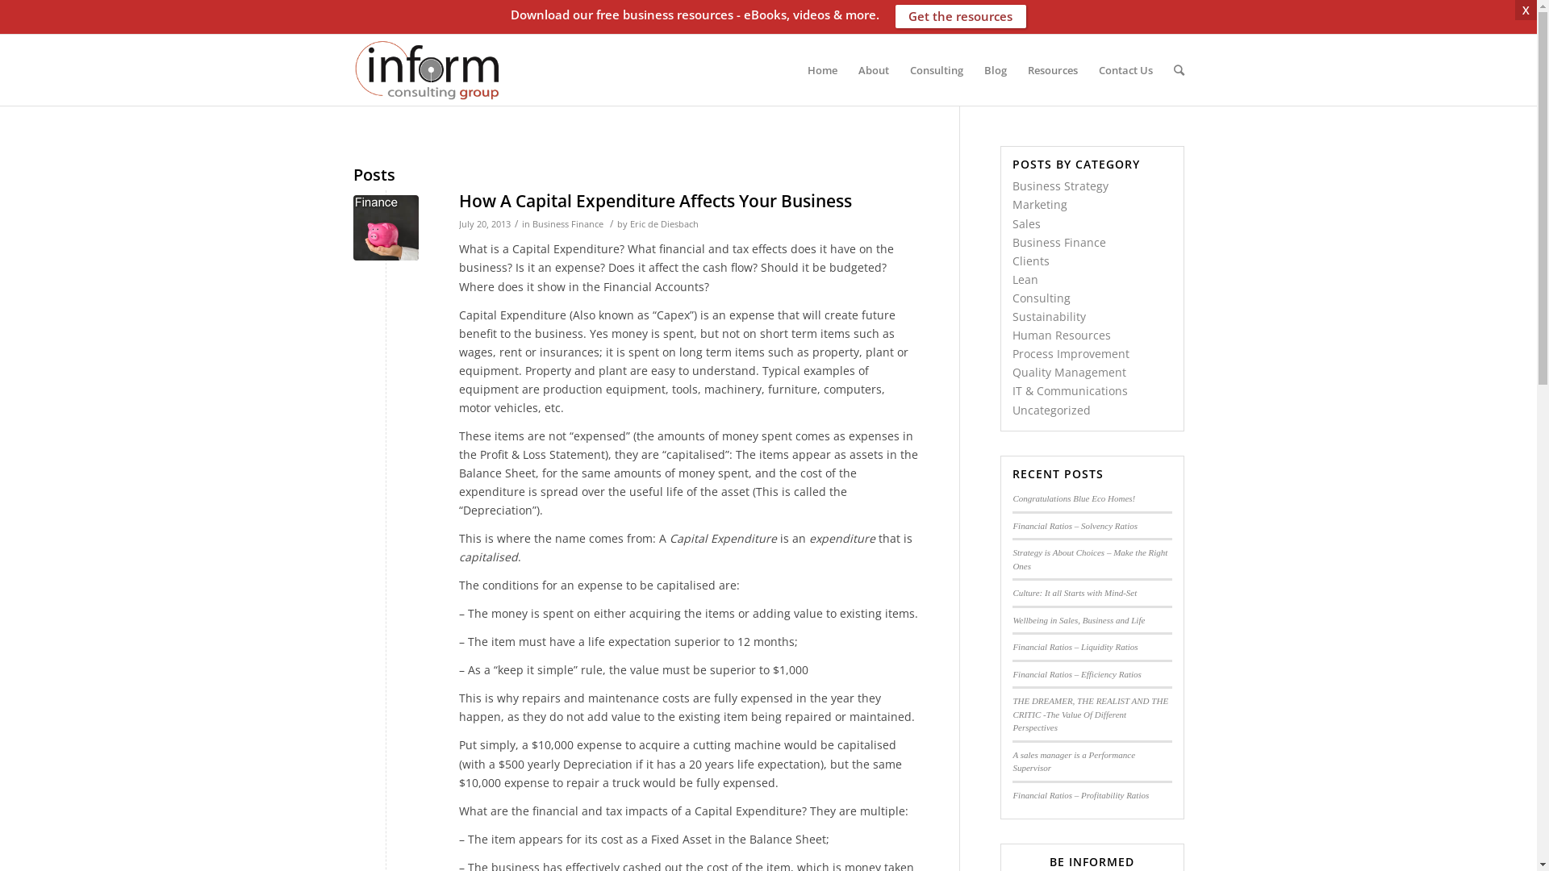 Image resolution: width=1549 pixels, height=871 pixels. I want to click on 'Culture: It all Starts with Mind-Set', so click(1075, 593).